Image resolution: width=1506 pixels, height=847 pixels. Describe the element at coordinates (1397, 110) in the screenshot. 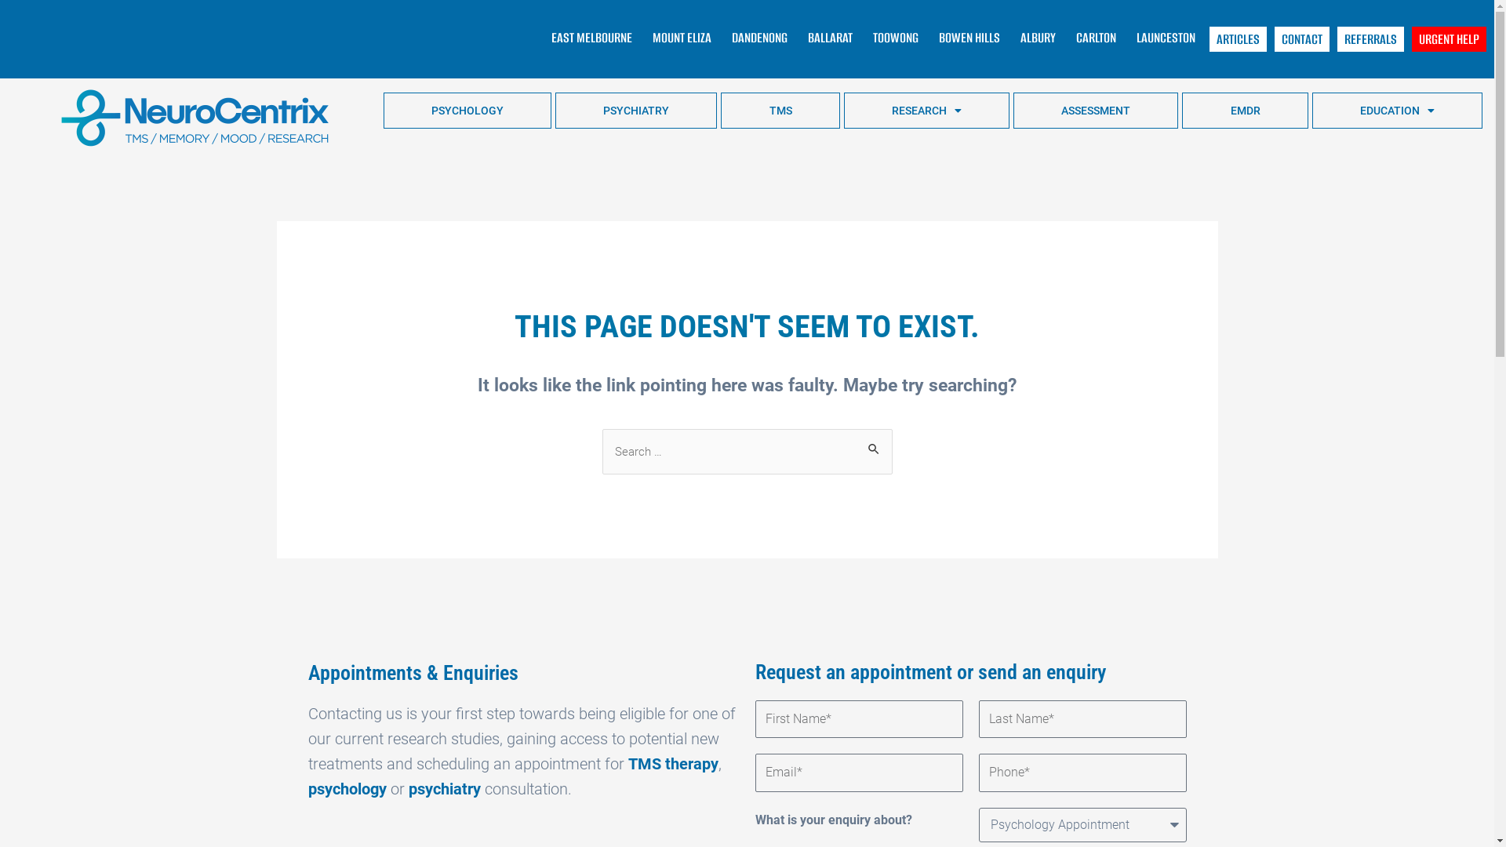

I see `'EDUCATION'` at that location.